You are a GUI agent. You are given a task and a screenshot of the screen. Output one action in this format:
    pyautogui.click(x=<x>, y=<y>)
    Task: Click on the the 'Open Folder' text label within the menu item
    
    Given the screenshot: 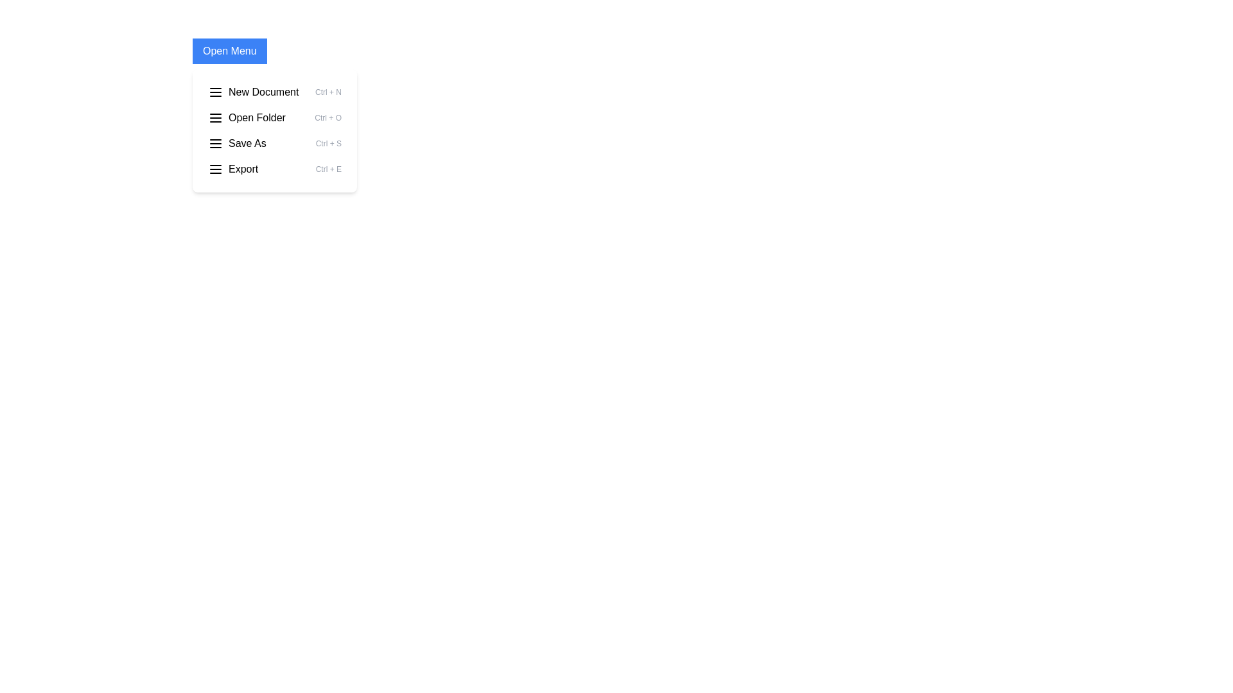 What is the action you would take?
    pyautogui.click(x=247, y=118)
    